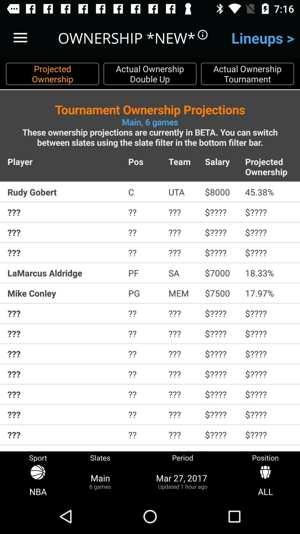  Describe the element at coordinates (64, 273) in the screenshot. I see `item above mike conley item` at that location.